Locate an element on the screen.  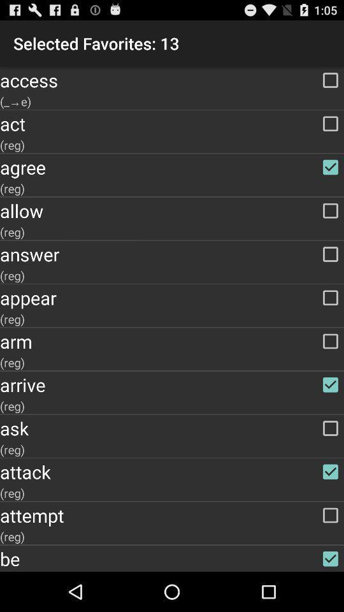
item below the (reg)  icon is located at coordinates (172, 515).